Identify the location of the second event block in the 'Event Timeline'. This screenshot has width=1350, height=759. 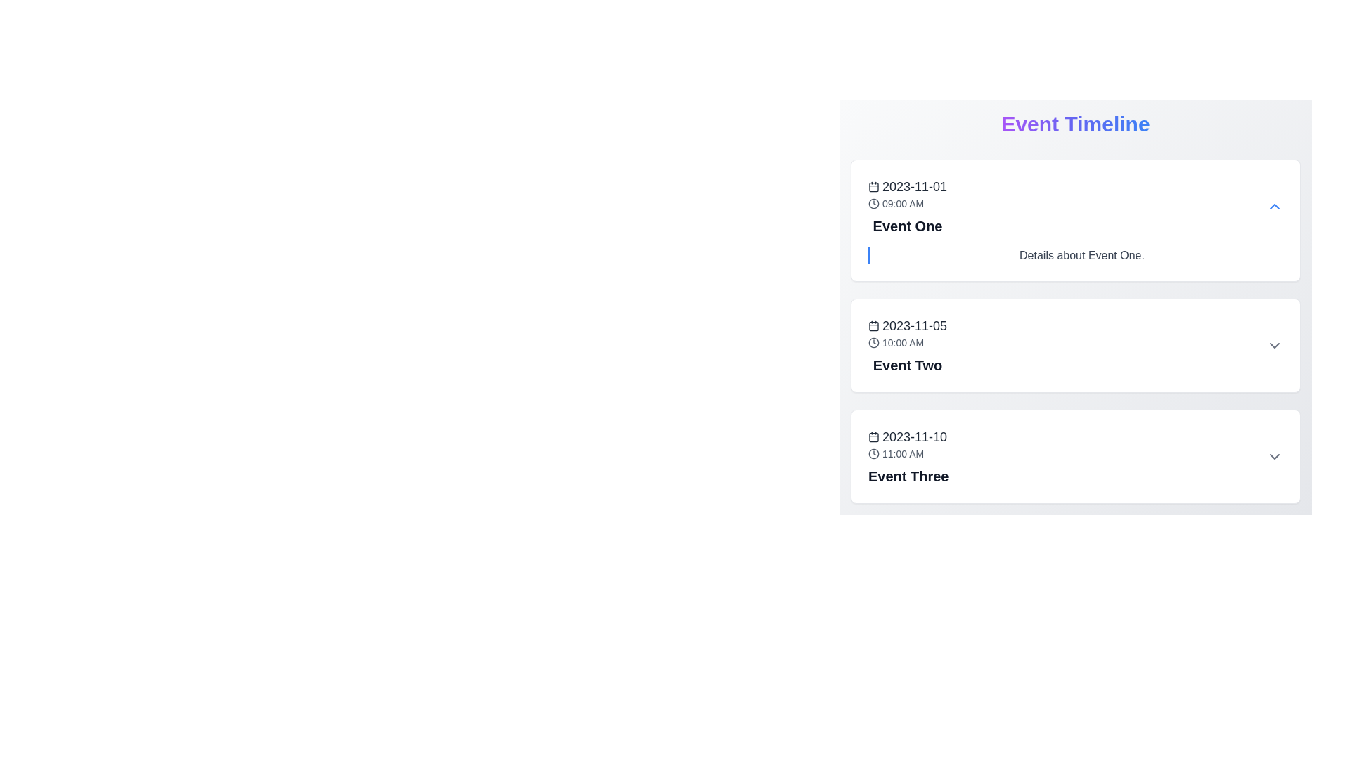
(1075, 331).